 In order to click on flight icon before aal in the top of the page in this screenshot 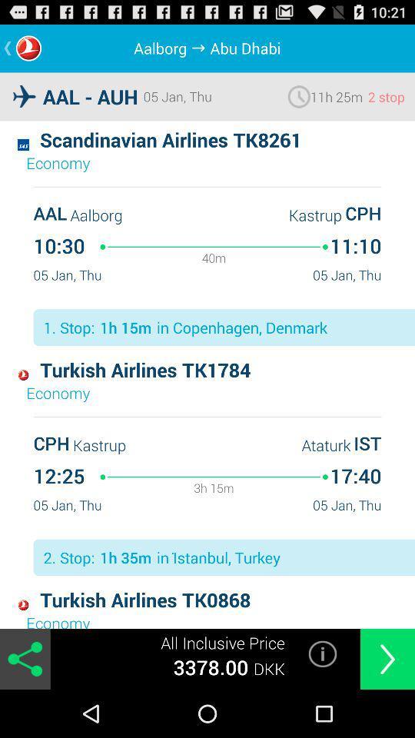, I will do `click(24, 95)`.